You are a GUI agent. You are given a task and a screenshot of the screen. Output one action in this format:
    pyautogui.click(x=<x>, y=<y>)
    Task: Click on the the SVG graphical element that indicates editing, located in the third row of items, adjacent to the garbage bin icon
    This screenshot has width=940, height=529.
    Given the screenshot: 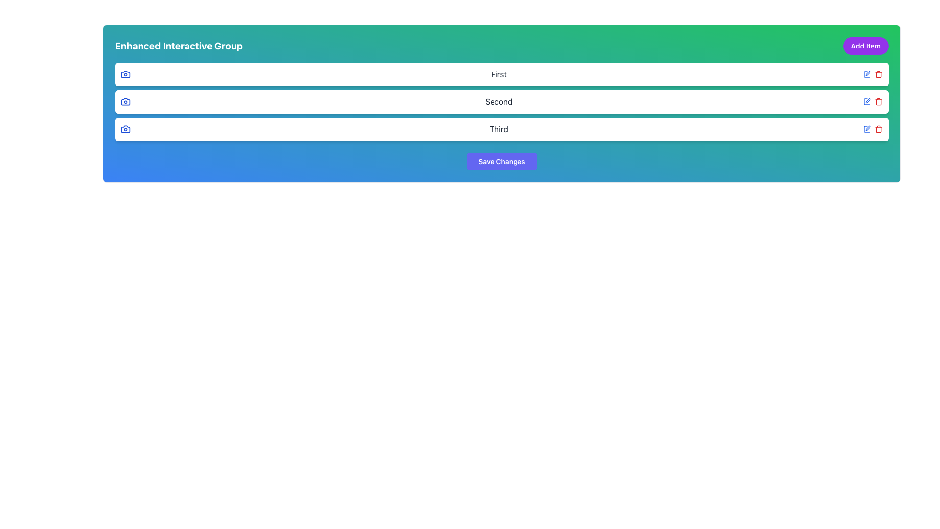 What is the action you would take?
    pyautogui.click(x=867, y=102)
    